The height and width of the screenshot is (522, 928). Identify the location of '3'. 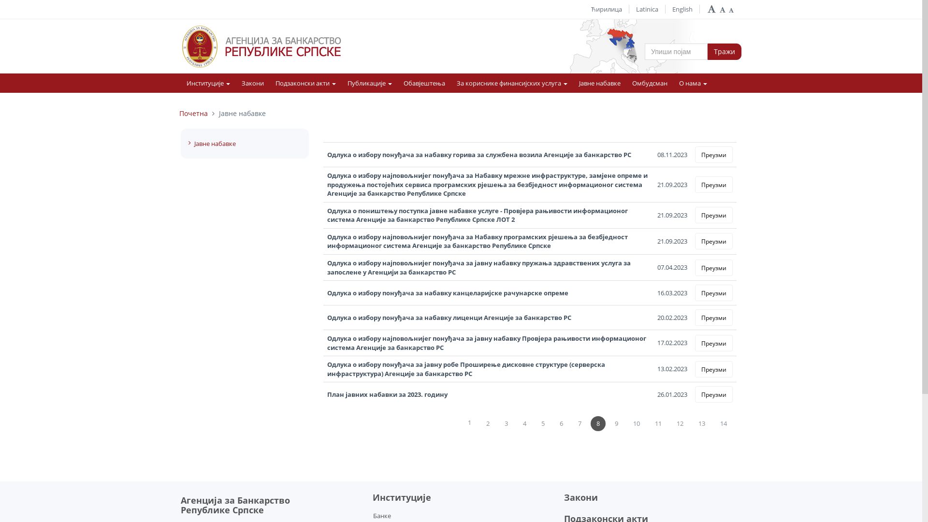
(499, 423).